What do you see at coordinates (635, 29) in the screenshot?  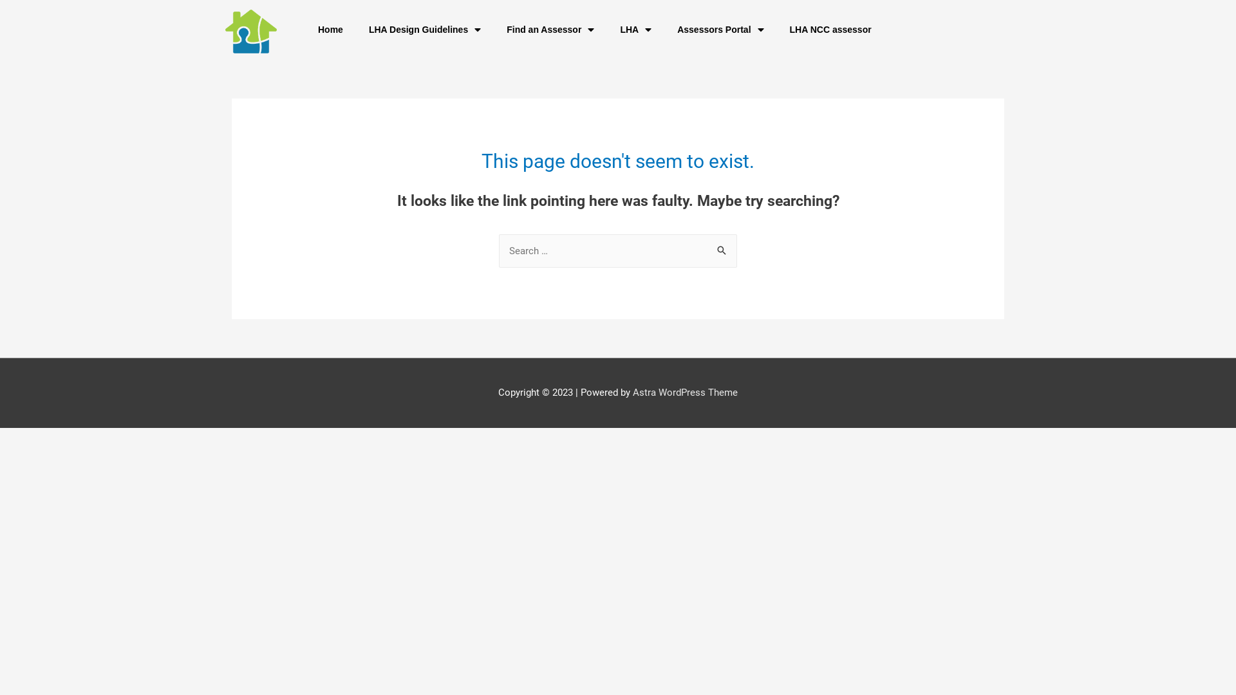 I see `'LHA'` at bounding box center [635, 29].